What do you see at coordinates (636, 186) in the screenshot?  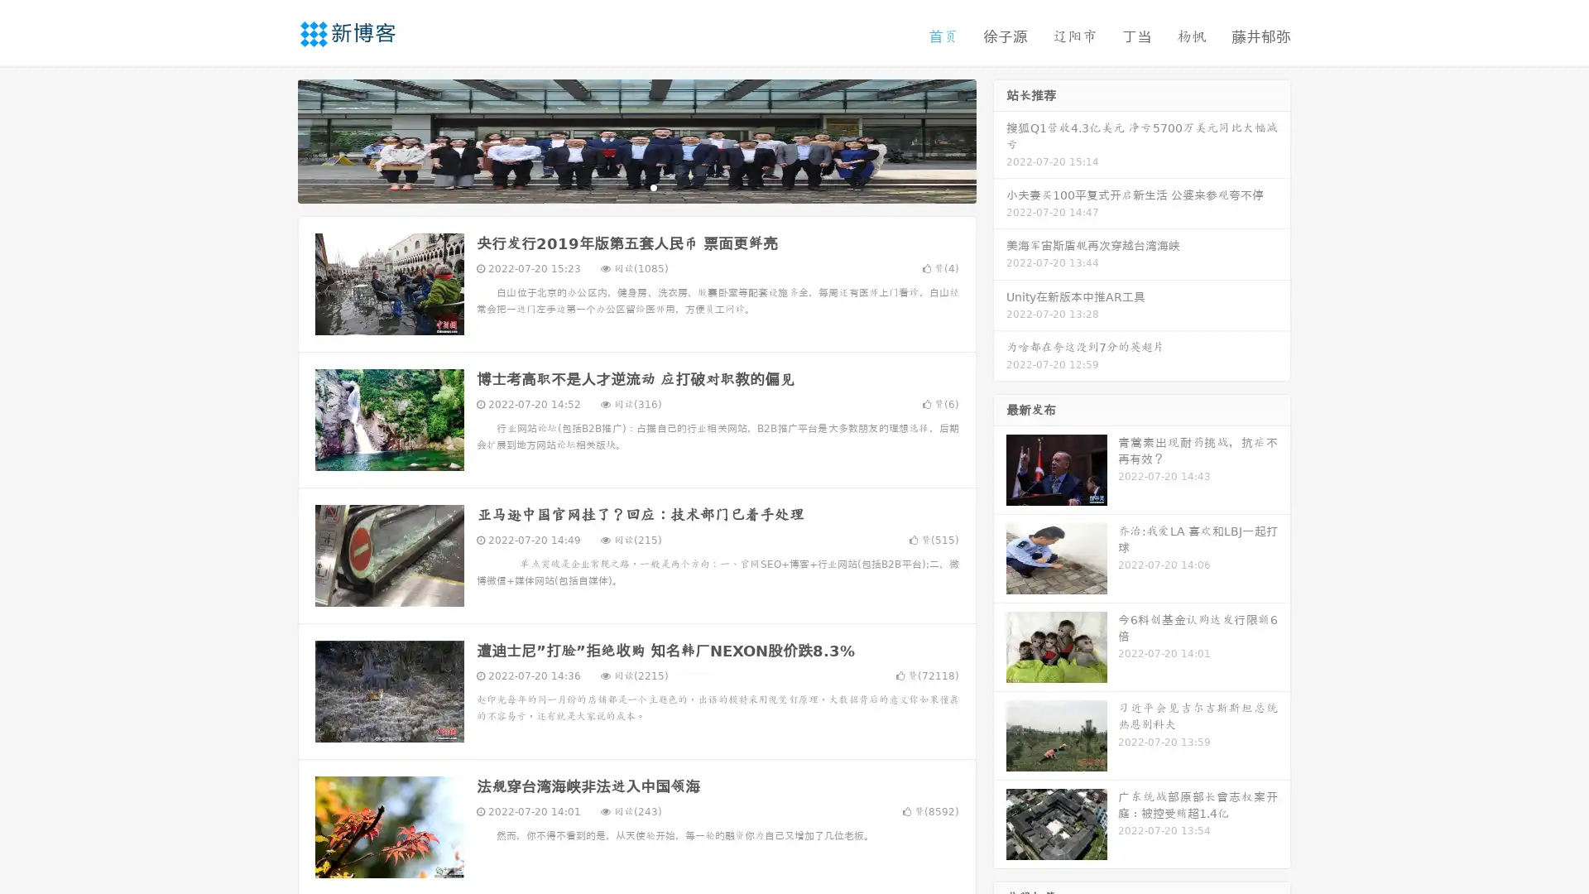 I see `Go to slide 2` at bounding box center [636, 186].